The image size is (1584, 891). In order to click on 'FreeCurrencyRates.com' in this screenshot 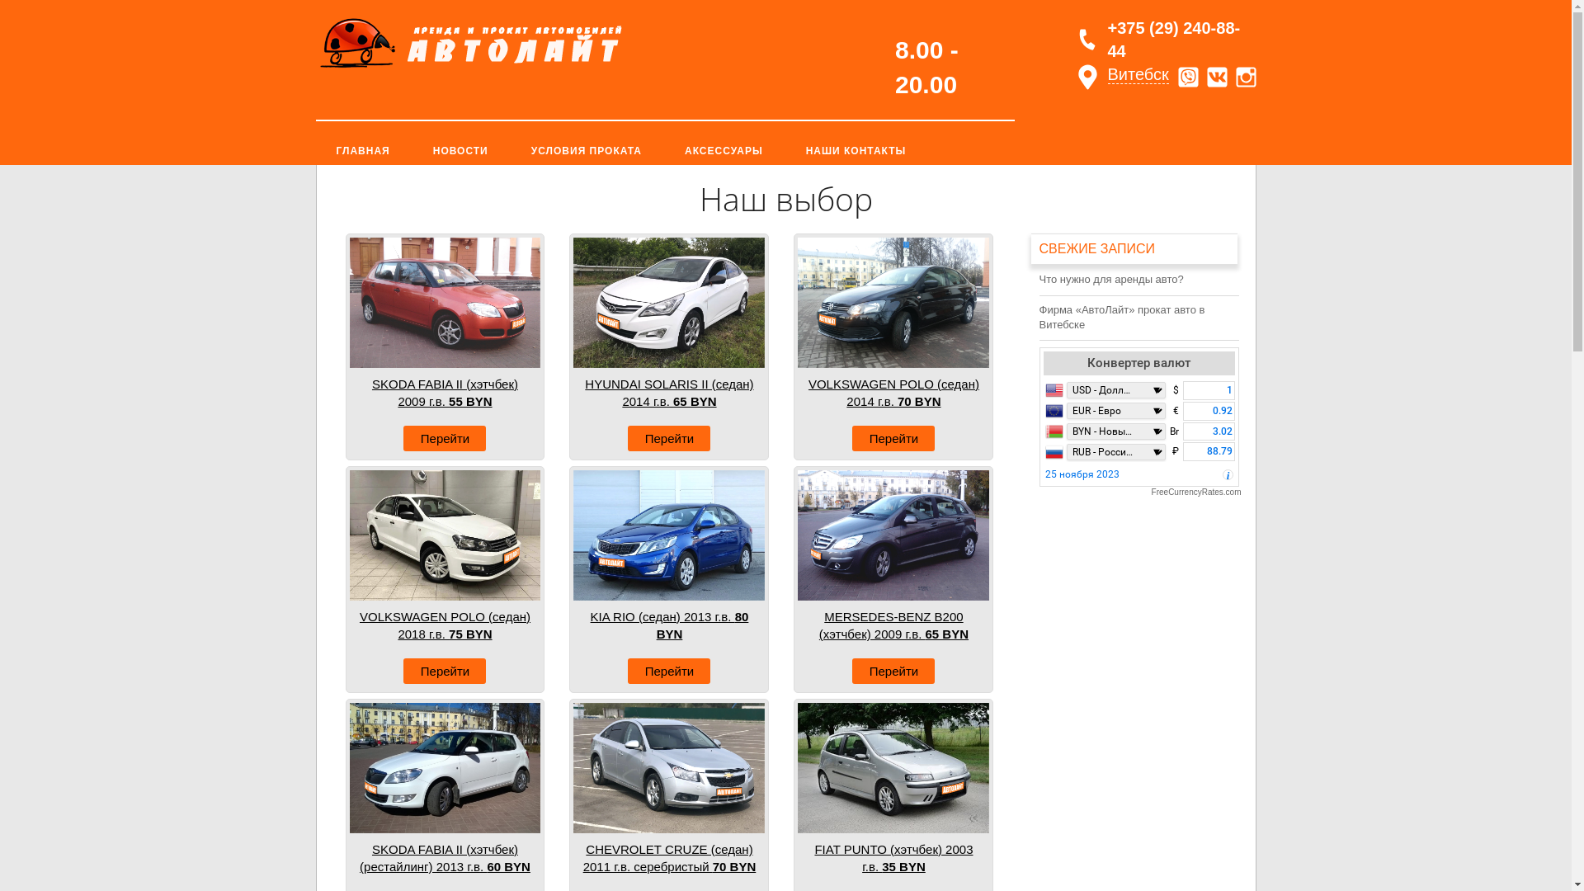, I will do `click(1139, 492)`.